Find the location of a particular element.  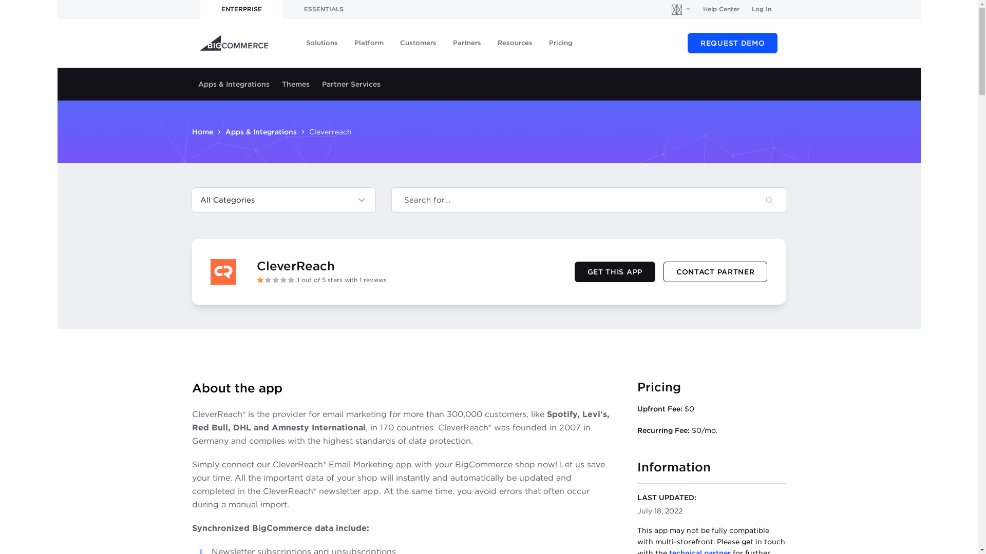

'GET THIS APP' is located at coordinates (615, 271).